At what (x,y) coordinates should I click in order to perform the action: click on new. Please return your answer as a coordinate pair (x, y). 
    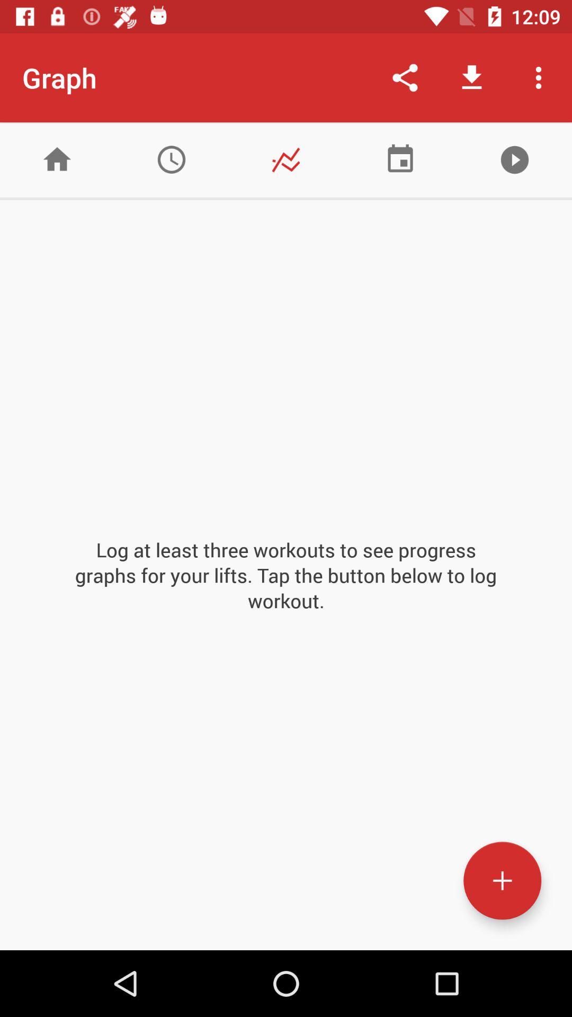
    Looking at the image, I should click on (502, 880).